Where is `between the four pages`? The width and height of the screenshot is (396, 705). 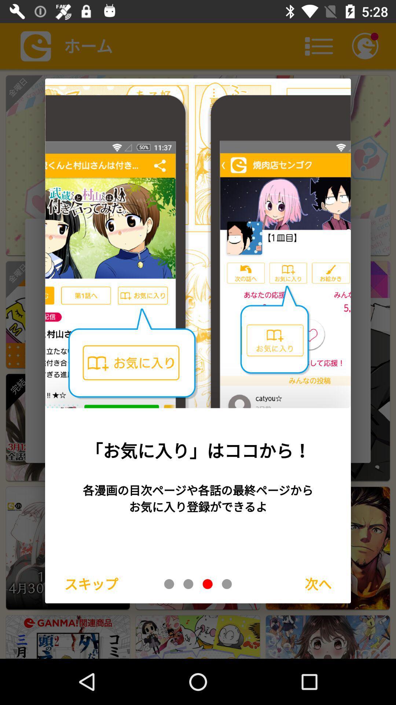 between the four pages is located at coordinates (208, 583).